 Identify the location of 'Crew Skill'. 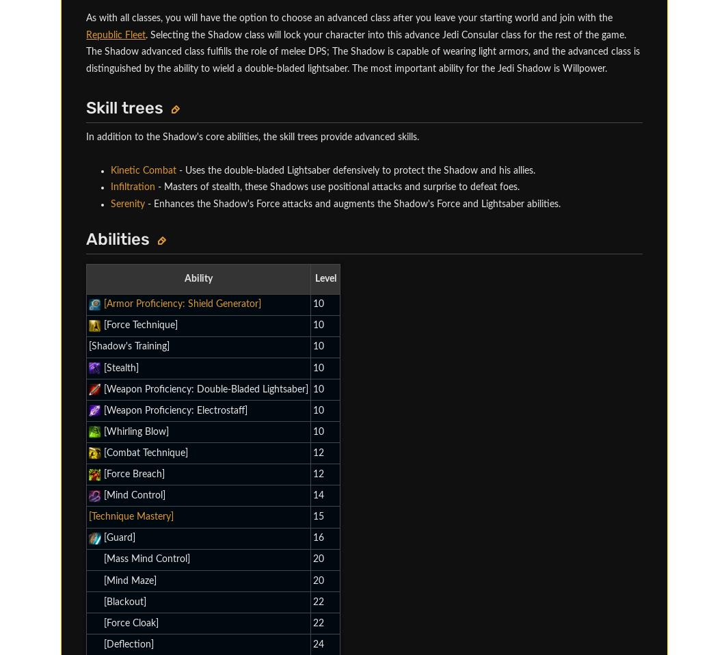
(152, 155).